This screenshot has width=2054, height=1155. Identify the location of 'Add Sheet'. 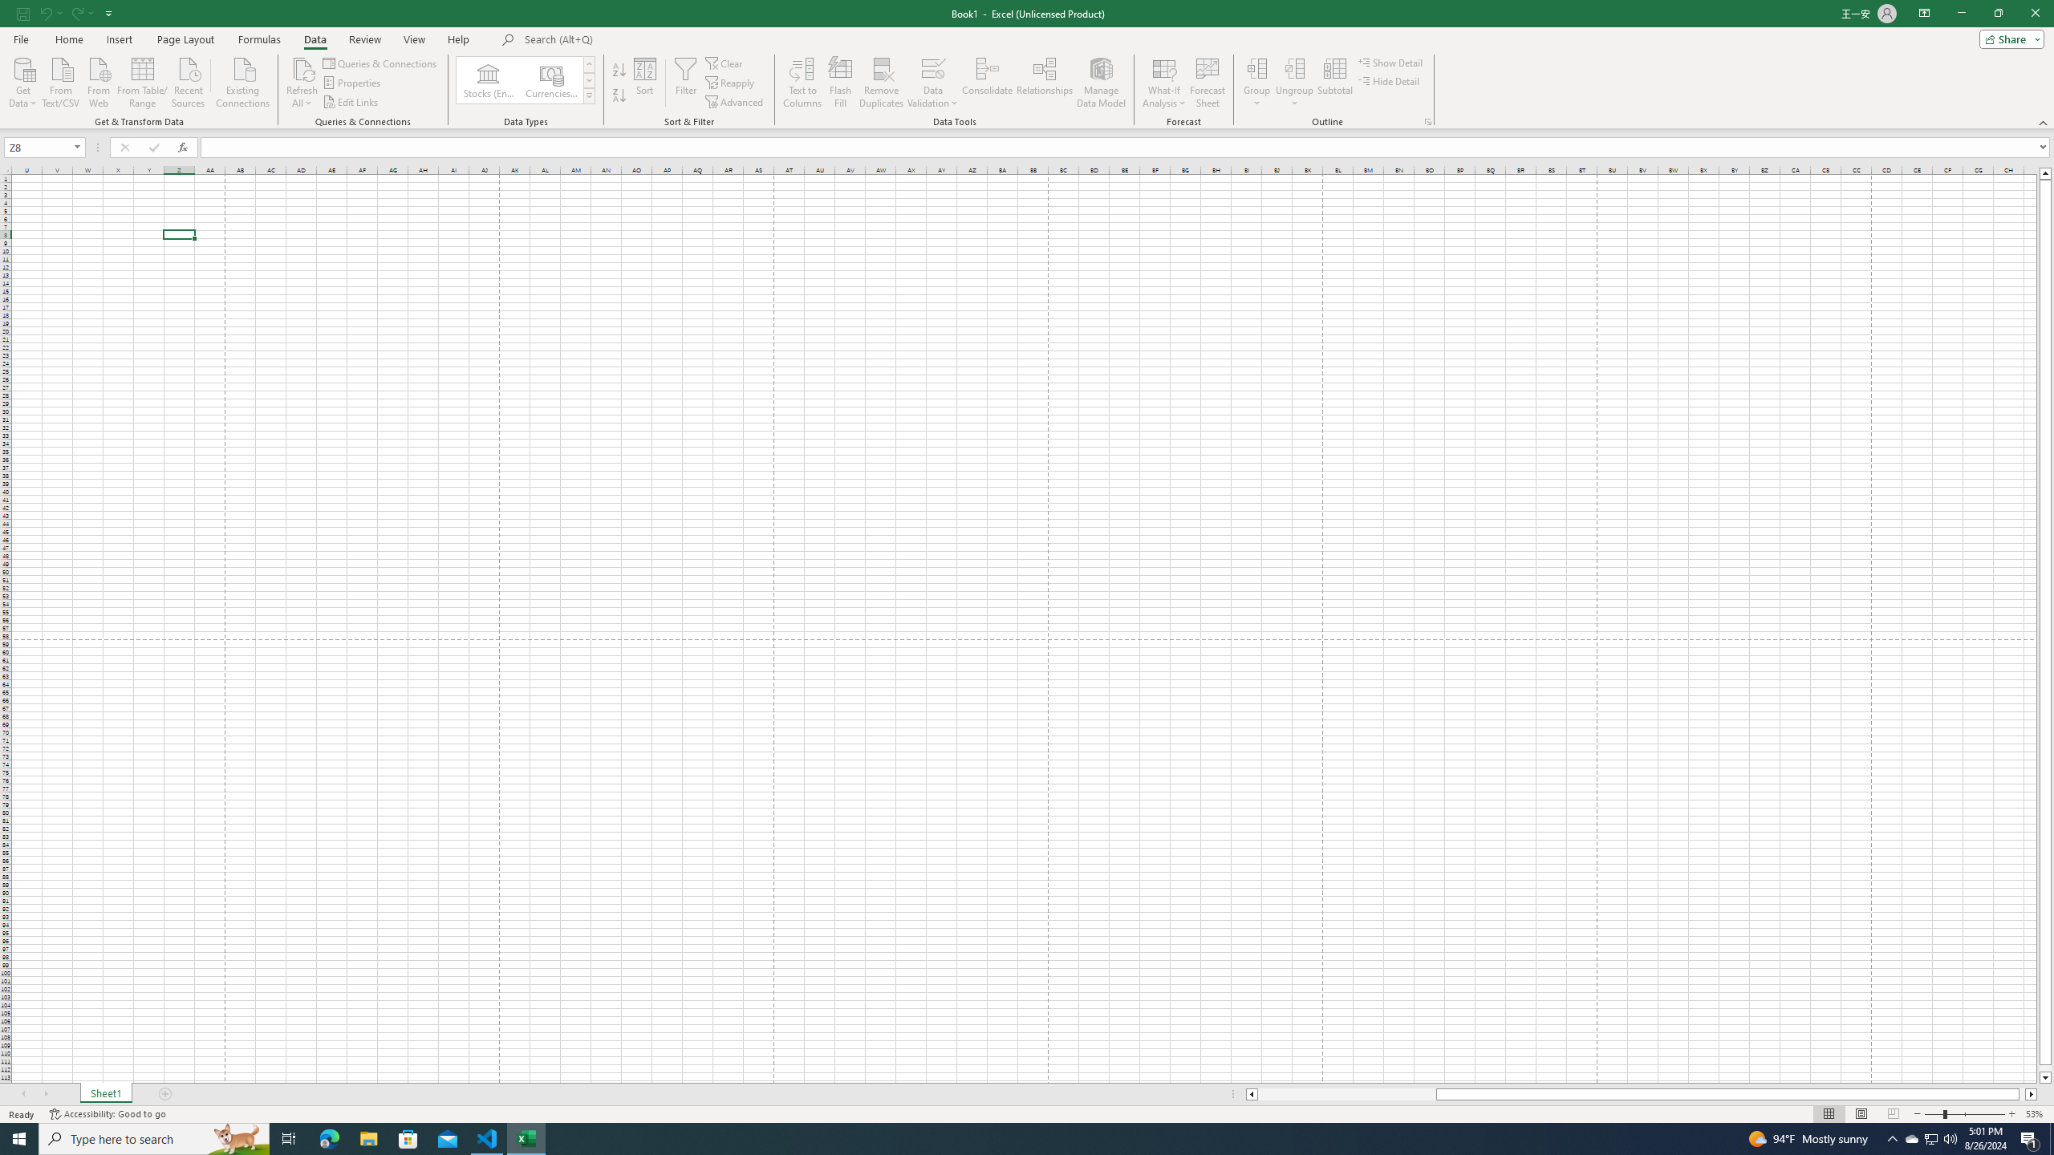
(164, 1093).